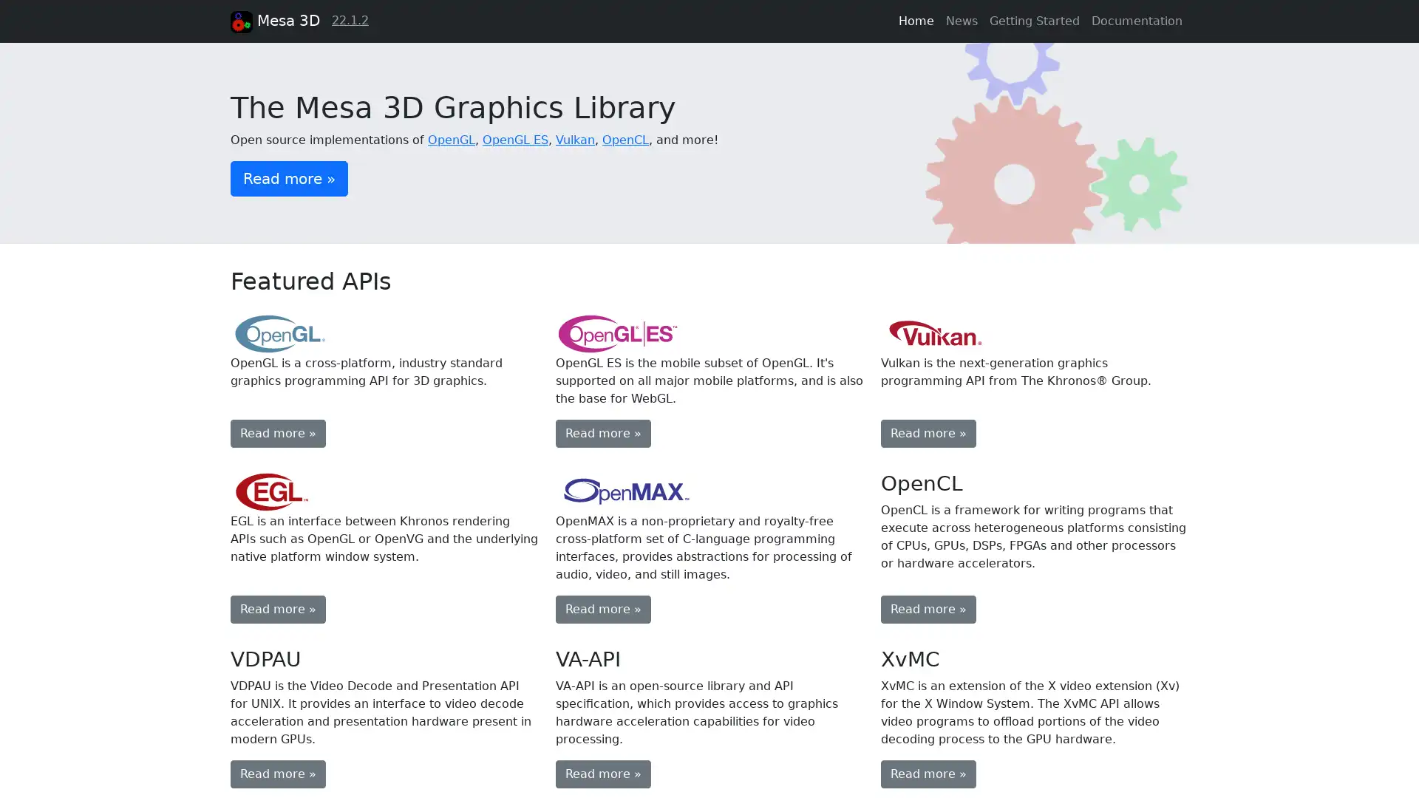  Describe the element at coordinates (278, 609) in the screenshot. I see `Read more` at that location.